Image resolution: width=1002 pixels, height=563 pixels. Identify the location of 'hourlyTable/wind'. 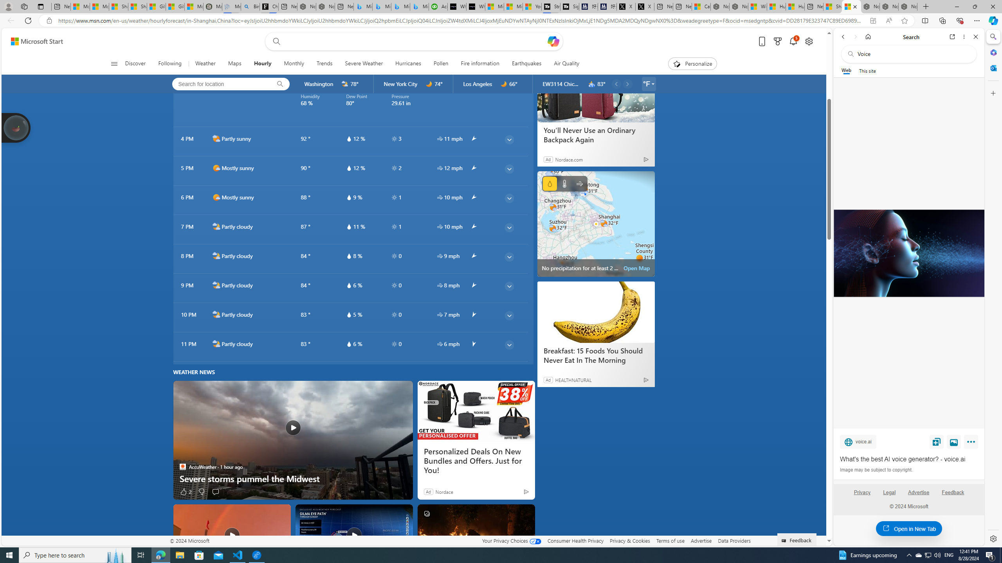
(439, 343).